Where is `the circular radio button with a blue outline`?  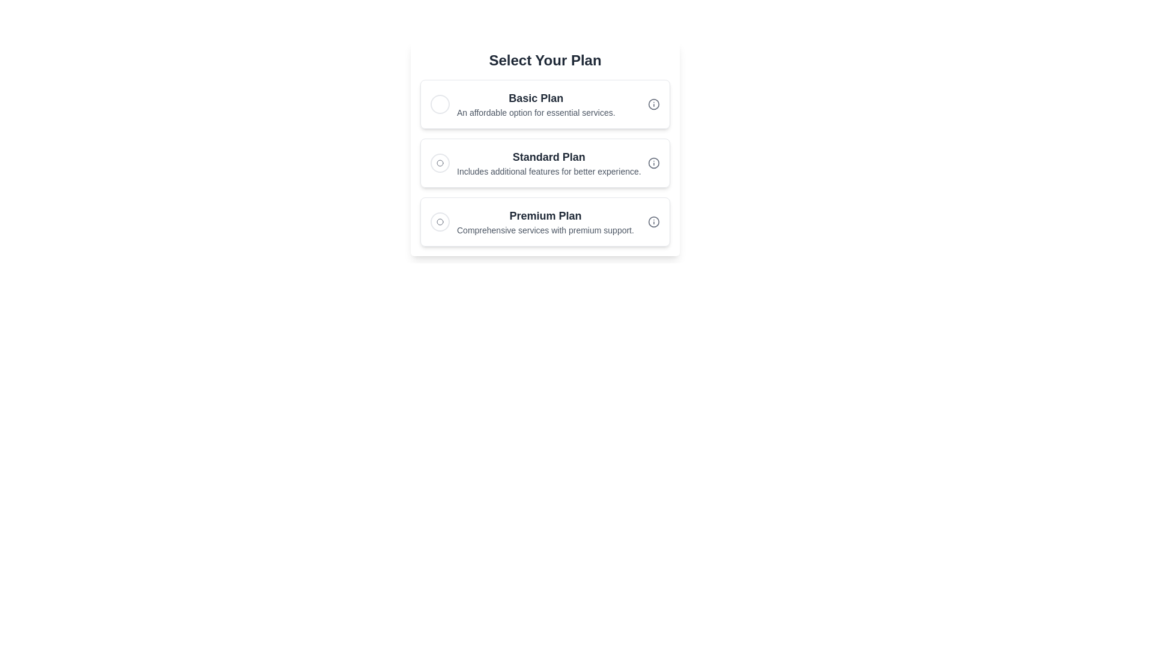
the circular radio button with a blue outline is located at coordinates (440, 222).